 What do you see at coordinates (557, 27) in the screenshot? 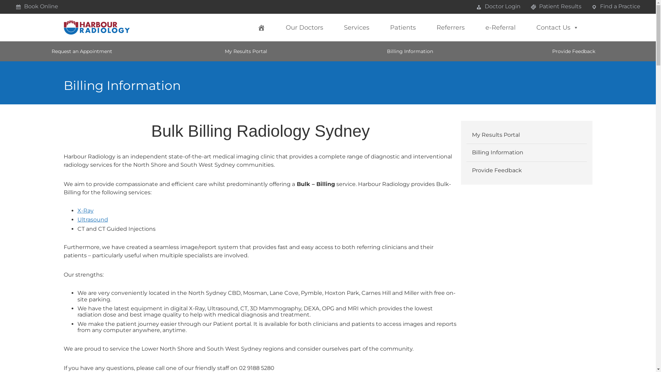
I see `'Contact Us'` at bounding box center [557, 27].